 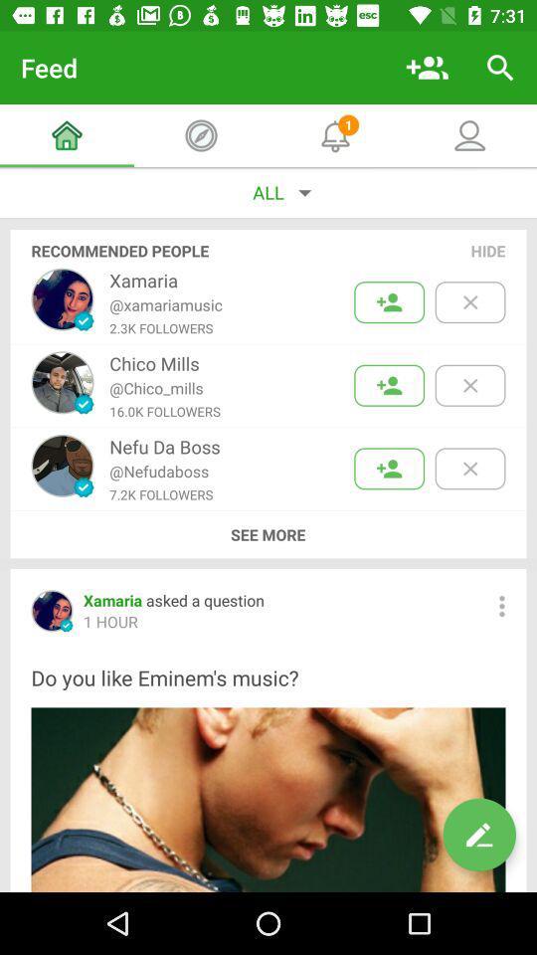 I want to click on hide, so click(x=487, y=250).